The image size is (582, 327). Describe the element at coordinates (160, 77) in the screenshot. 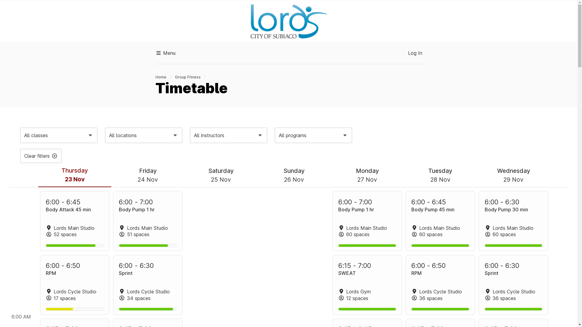

I see `'Home'` at that location.